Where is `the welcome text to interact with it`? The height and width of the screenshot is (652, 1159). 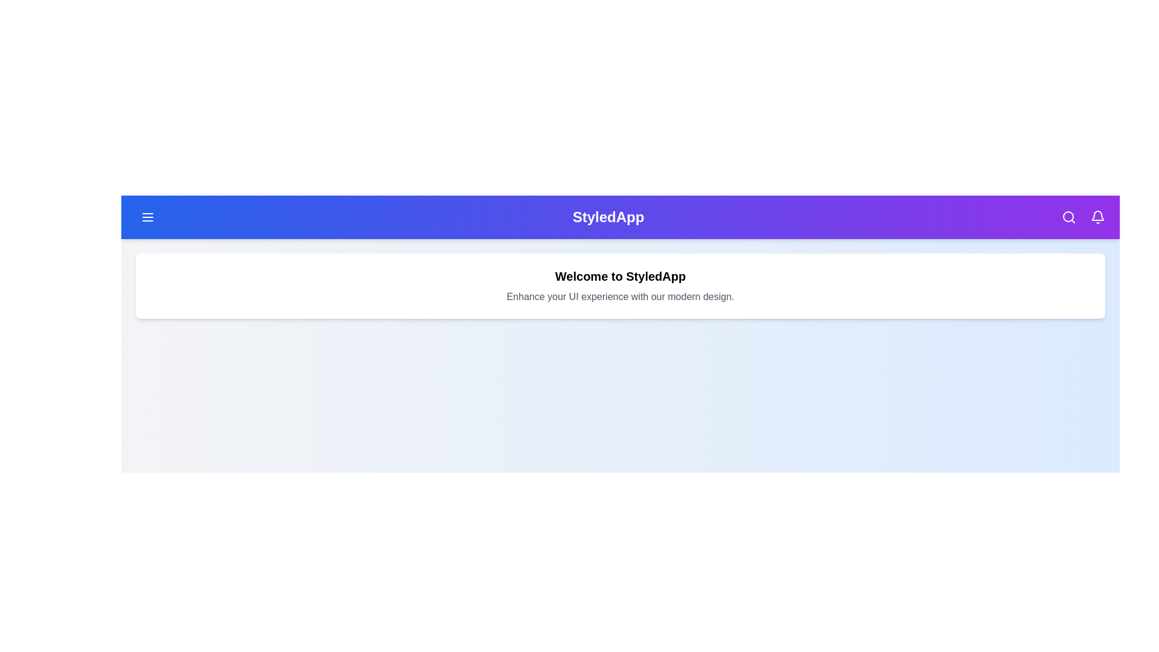 the welcome text to interact with it is located at coordinates (620, 276).